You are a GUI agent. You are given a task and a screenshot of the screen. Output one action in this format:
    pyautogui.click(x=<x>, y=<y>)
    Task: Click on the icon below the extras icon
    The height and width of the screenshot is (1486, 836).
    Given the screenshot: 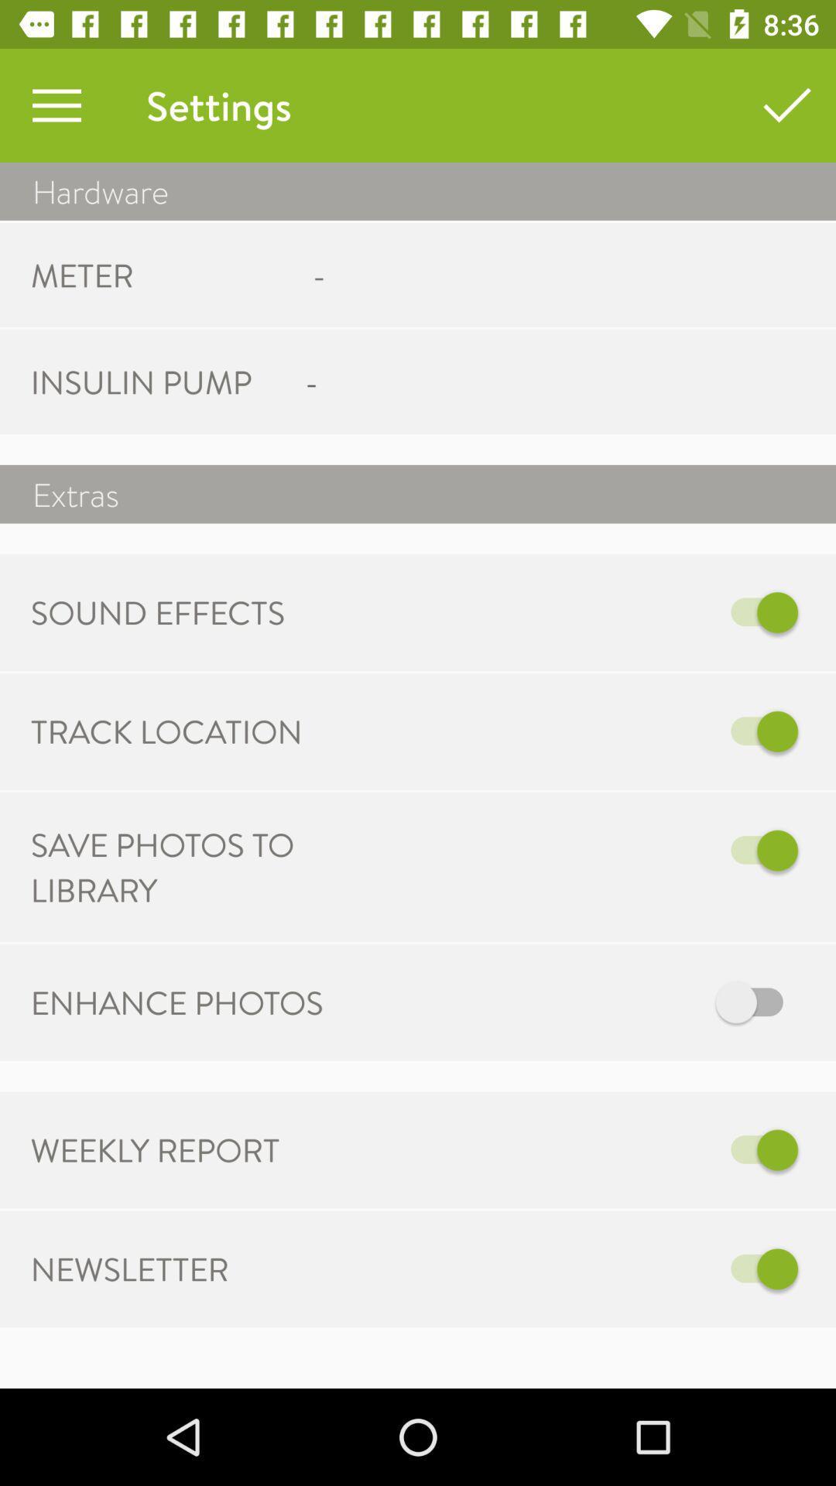 What is the action you would take?
    pyautogui.click(x=636, y=611)
    